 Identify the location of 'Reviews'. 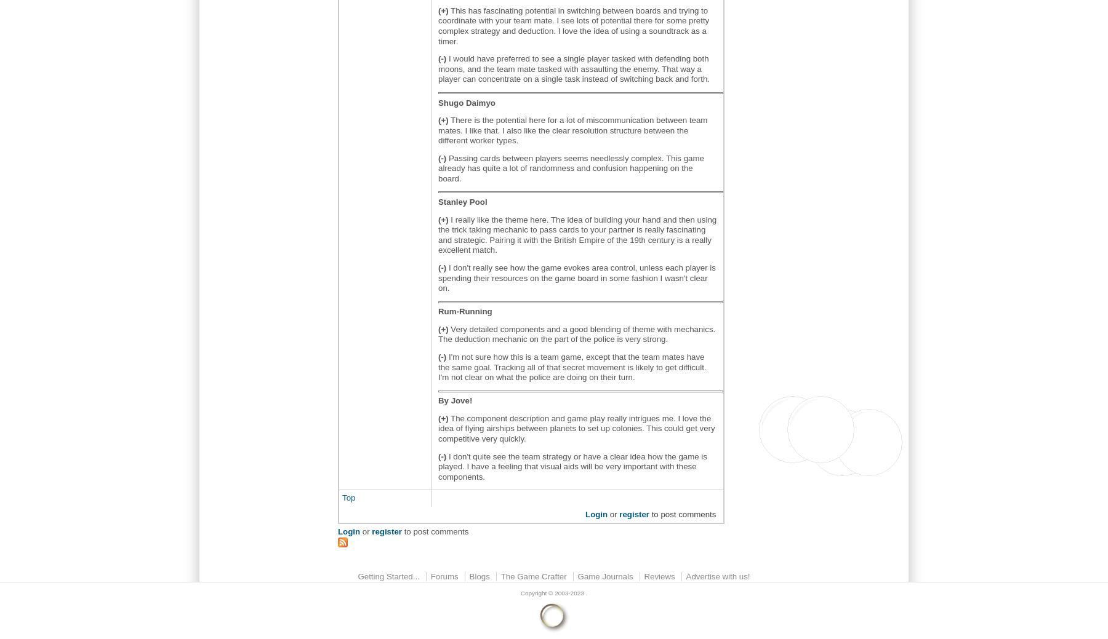
(659, 576).